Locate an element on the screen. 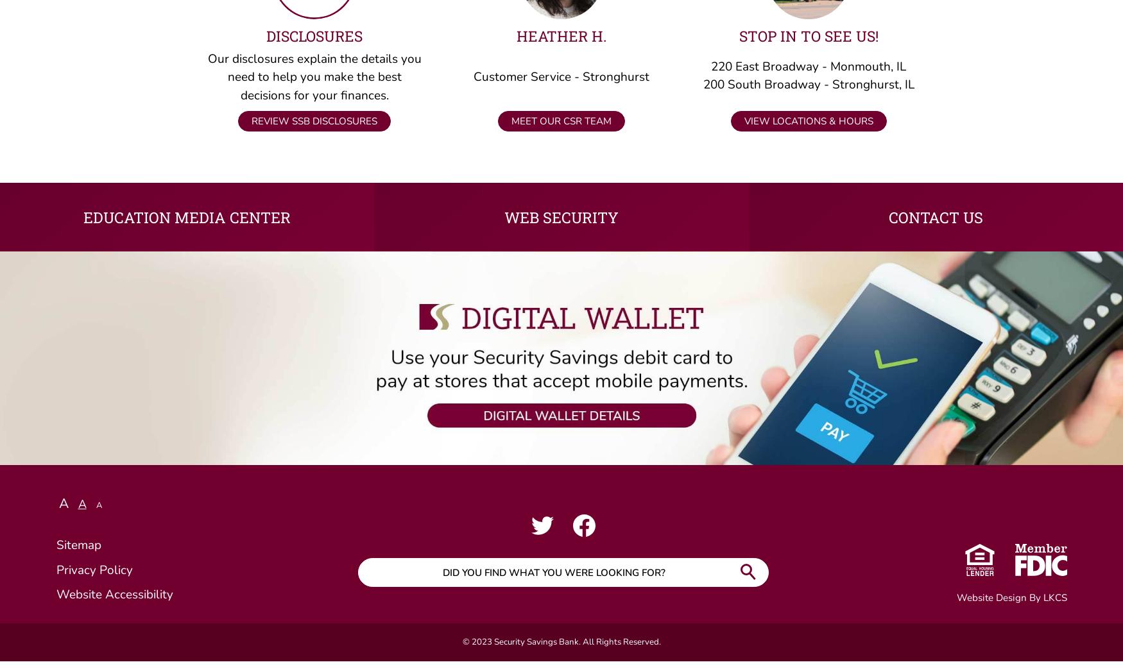  'Our disclosures explain the details you need to help you make the best decisions for your finances.' is located at coordinates (207, 83).